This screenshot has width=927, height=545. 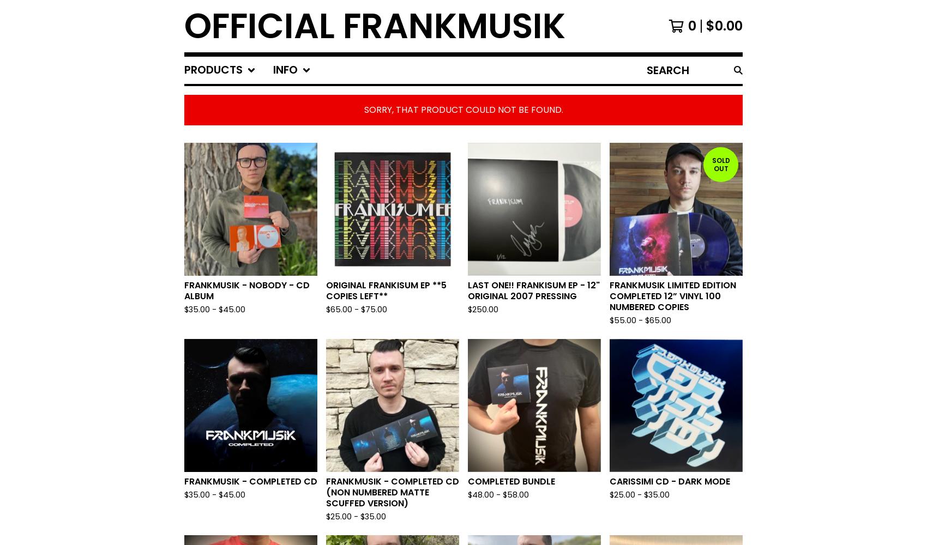 What do you see at coordinates (507, 495) in the screenshot?
I see `'58.00'` at bounding box center [507, 495].